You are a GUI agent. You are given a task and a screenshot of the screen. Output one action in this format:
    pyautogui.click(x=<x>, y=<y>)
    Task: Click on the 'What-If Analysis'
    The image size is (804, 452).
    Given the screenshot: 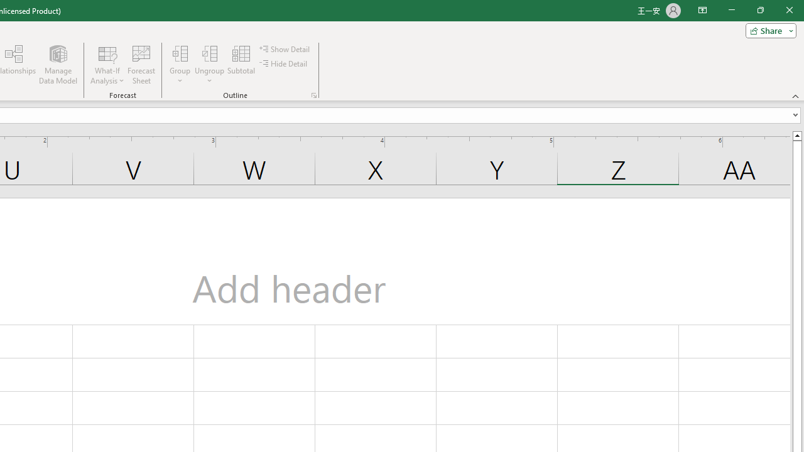 What is the action you would take?
    pyautogui.click(x=107, y=65)
    